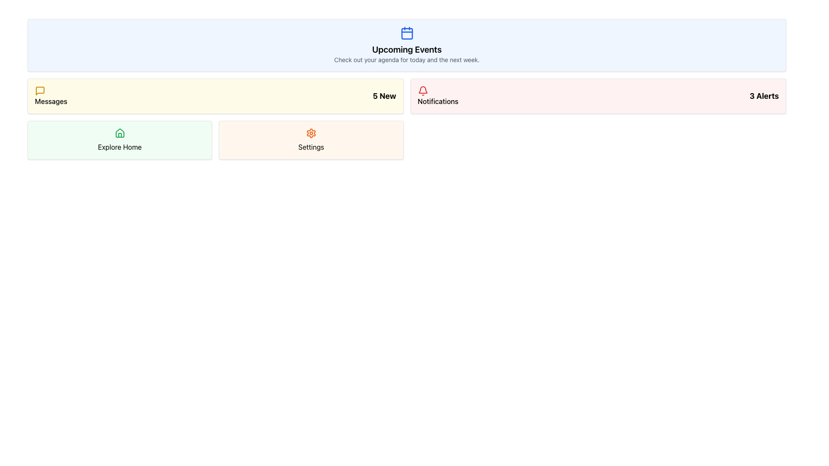 The height and width of the screenshot is (466, 829). Describe the element at coordinates (598, 96) in the screenshot. I see `the informational panel with a light red background, containing the text 'Notifications' and '3 Alerts', located in the top-right section of the grid layout` at that location.